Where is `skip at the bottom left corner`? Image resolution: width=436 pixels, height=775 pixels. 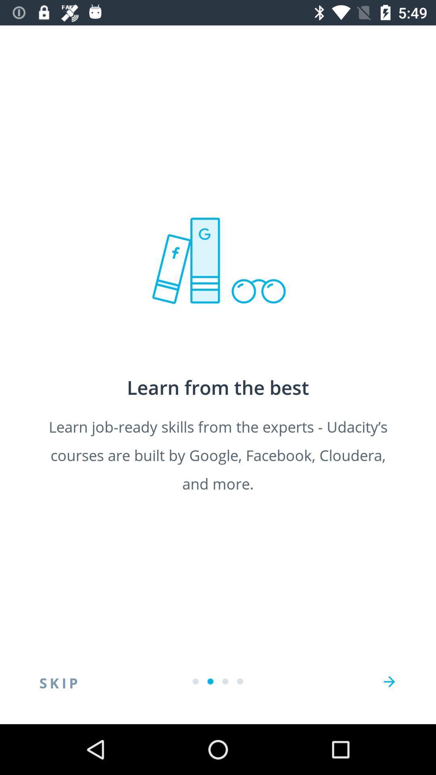 skip at the bottom left corner is located at coordinates (58, 681).